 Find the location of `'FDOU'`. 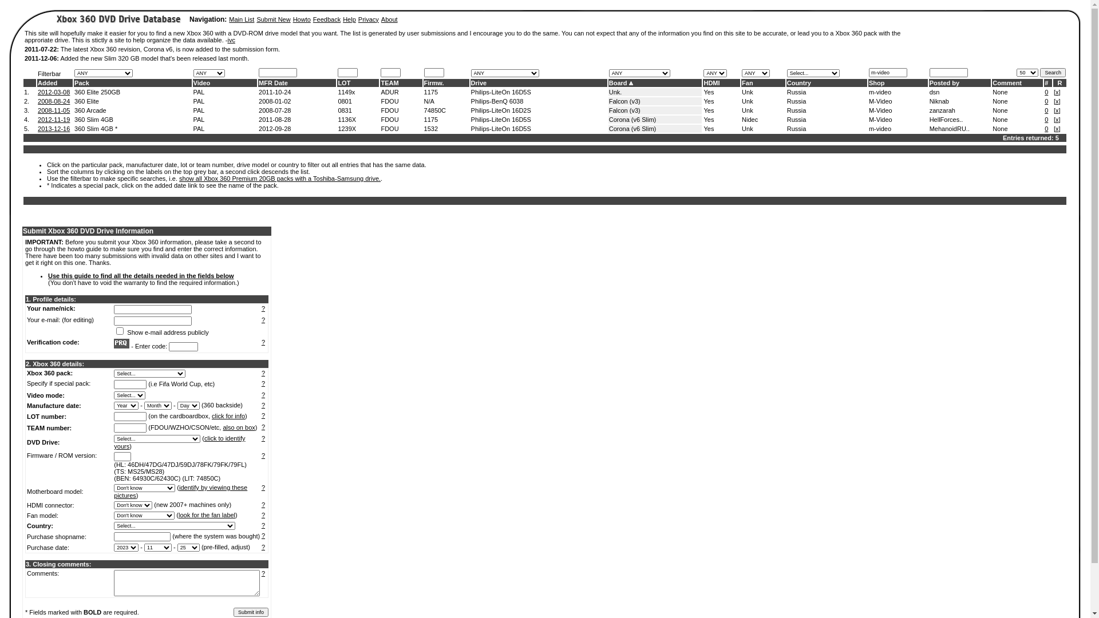

'FDOU' is located at coordinates (389, 128).